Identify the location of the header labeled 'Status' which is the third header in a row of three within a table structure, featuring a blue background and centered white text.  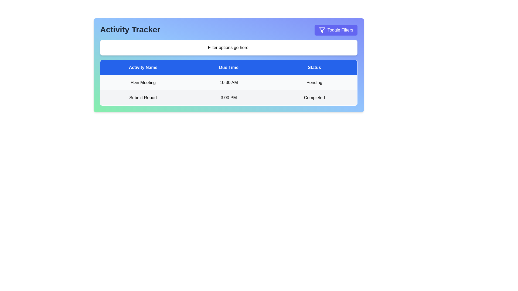
(314, 67).